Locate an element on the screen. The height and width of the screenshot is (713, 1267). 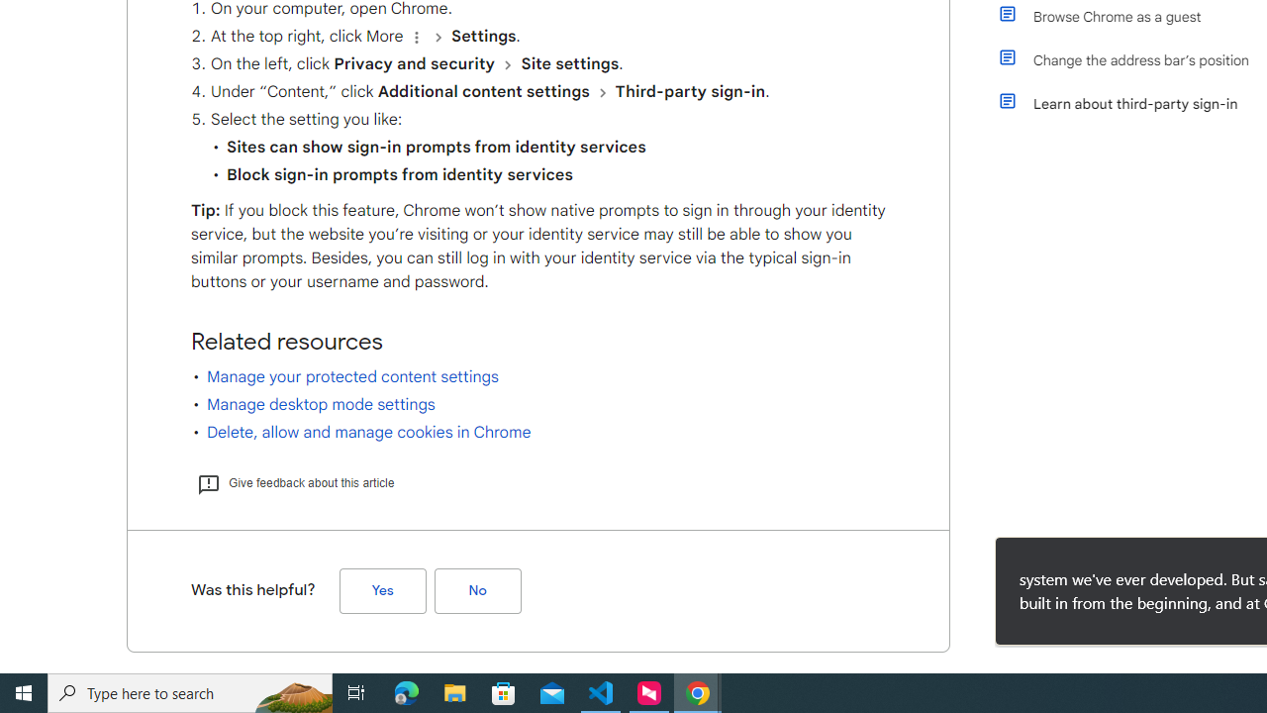
'No (Was this helpful?)' is located at coordinates (477, 589).